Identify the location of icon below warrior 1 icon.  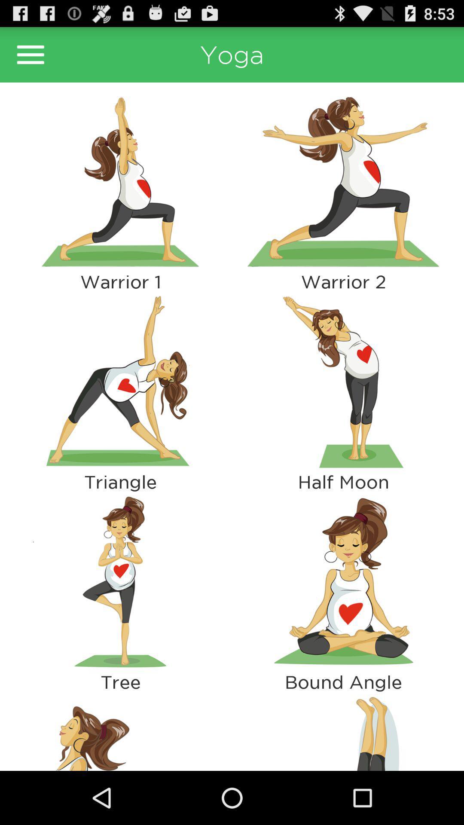
(120, 381).